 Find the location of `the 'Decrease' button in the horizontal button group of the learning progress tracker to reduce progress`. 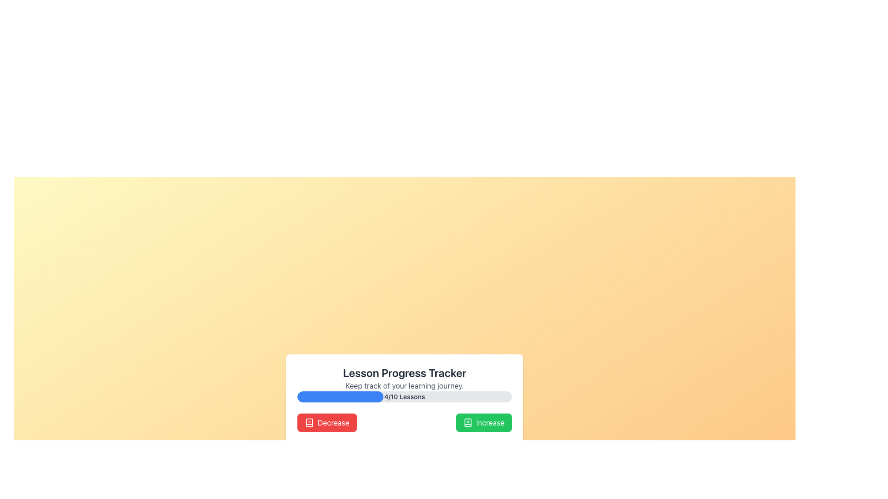

the 'Decrease' button in the horizontal button group of the learning progress tracker to reduce progress is located at coordinates (404, 422).